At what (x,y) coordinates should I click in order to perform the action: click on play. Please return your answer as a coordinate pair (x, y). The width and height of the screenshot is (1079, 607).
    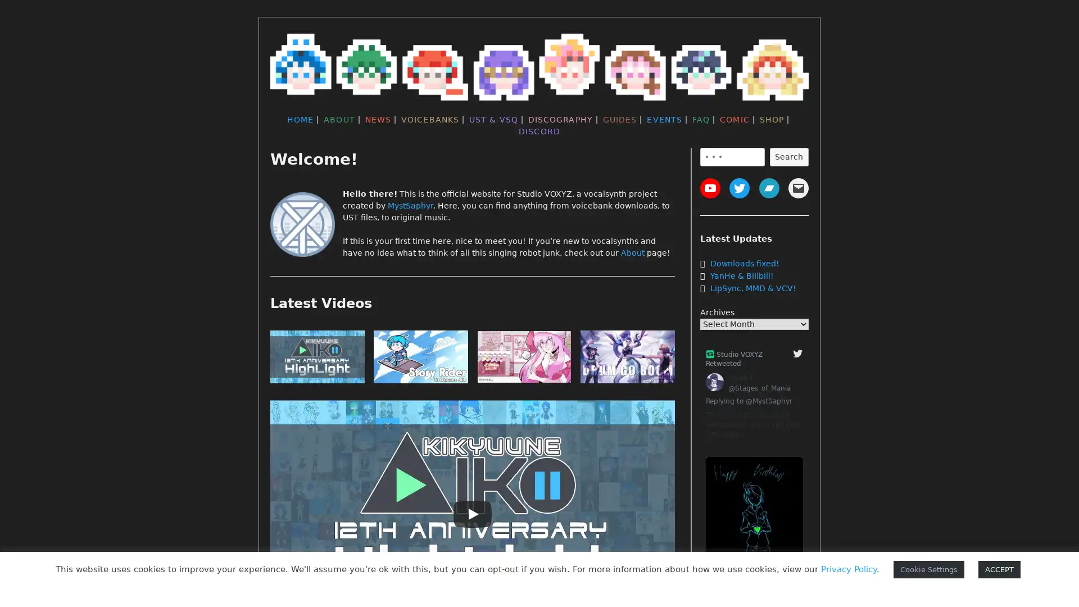
    Looking at the image, I should click on (523, 359).